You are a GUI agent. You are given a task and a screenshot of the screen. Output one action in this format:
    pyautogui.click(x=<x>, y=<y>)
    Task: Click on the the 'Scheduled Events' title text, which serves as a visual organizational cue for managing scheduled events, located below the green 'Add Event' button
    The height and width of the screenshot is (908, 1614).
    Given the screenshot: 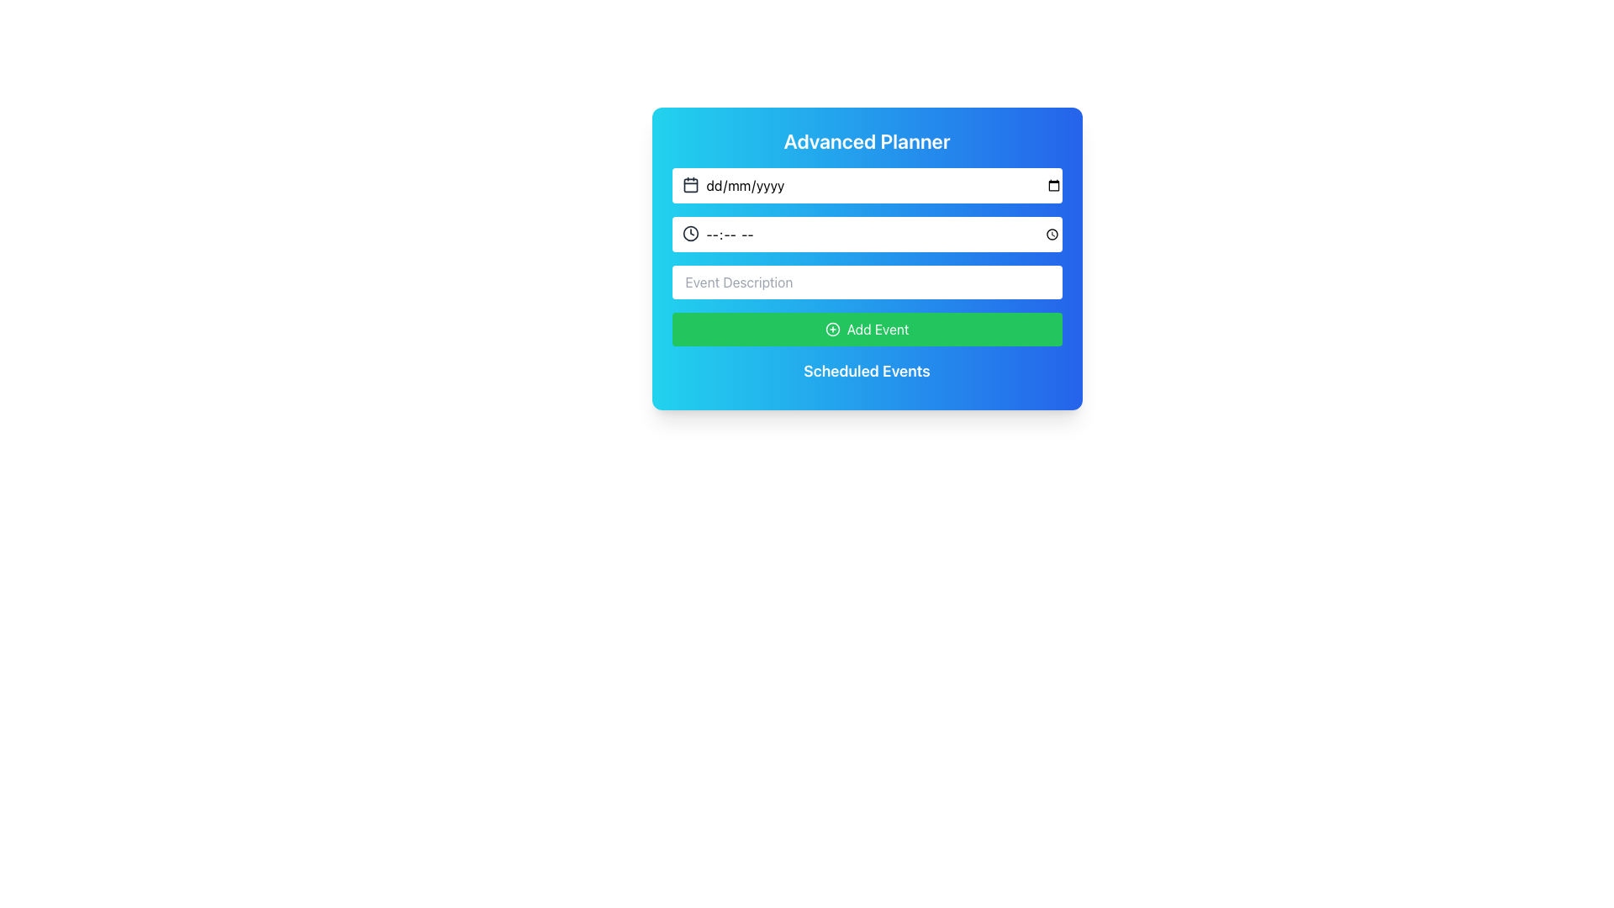 What is the action you would take?
    pyautogui.click(x=867, y=371)
    